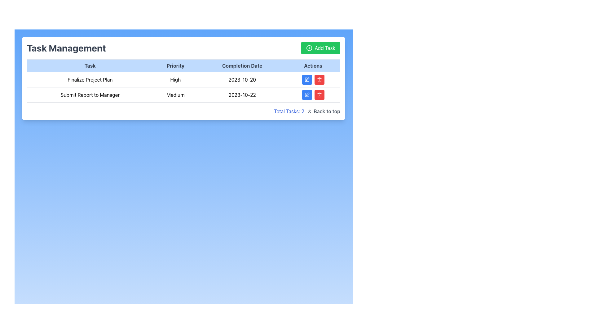 This screenshot has width=595, height=335. What do you see at coordinates (175, 95) in the screenshot?
I see `the text label displaying 'Medium' located in the second row under the 'Priority' column of the table, positioned between the 'Submit Report to Manager' and '2023-10-22' cells` at bounding box center [175, 95].